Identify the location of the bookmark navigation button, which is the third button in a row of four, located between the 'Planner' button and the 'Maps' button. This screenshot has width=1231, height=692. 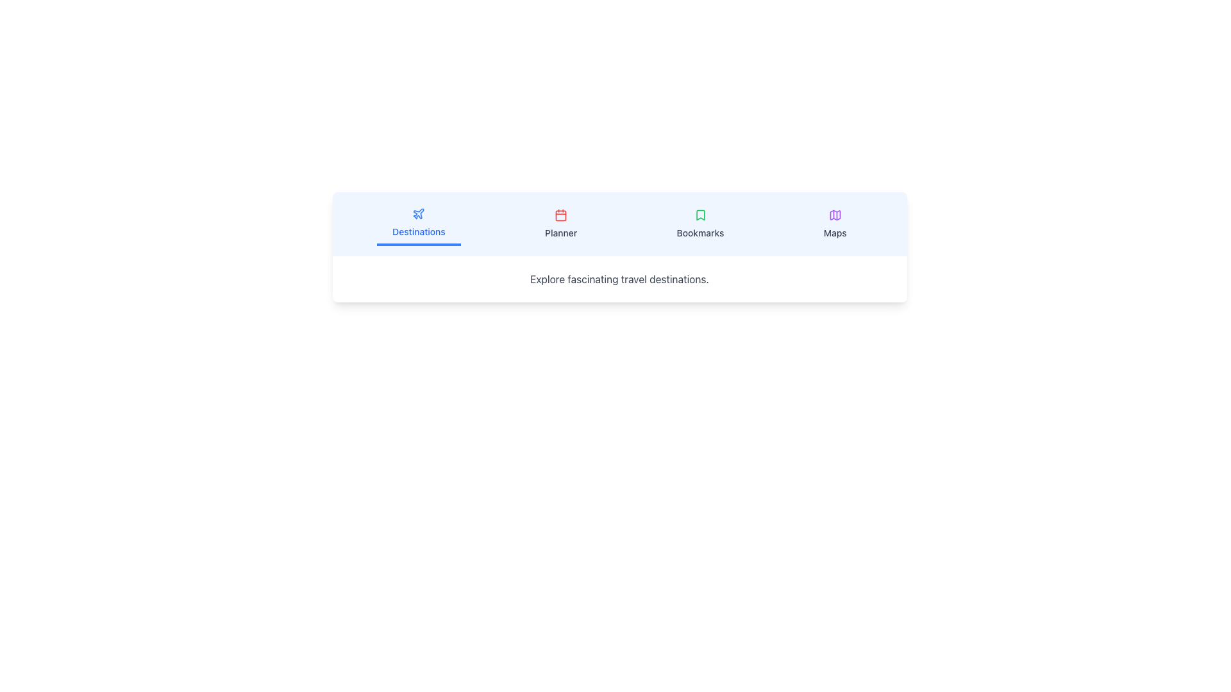
(699, 224).